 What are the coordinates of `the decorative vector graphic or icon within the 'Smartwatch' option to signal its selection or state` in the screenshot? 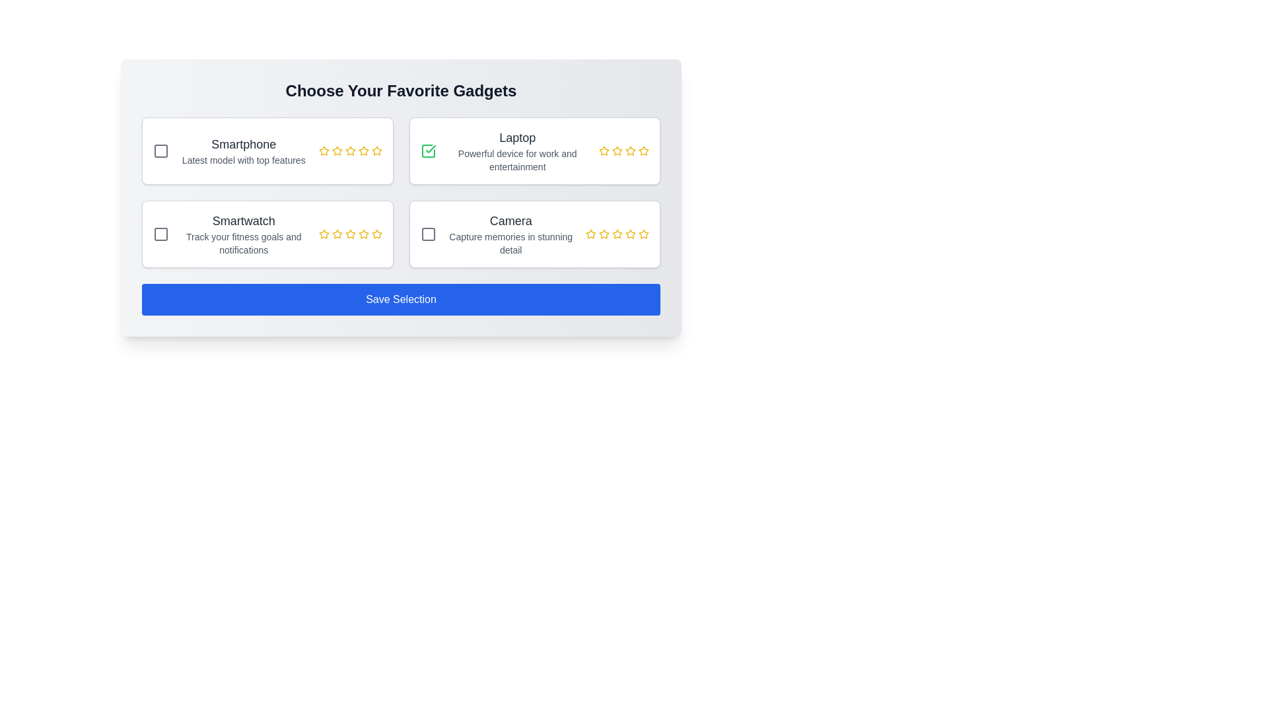 It's located at (160, 233).